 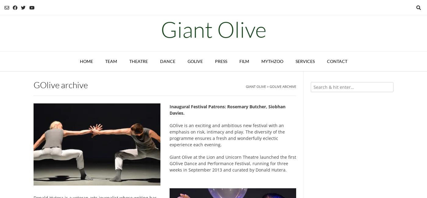 I want to click on 'Inaugural Festival Patrons: Rosemary Butcher, Siobhan Davies.', so click(x=169, y=109).